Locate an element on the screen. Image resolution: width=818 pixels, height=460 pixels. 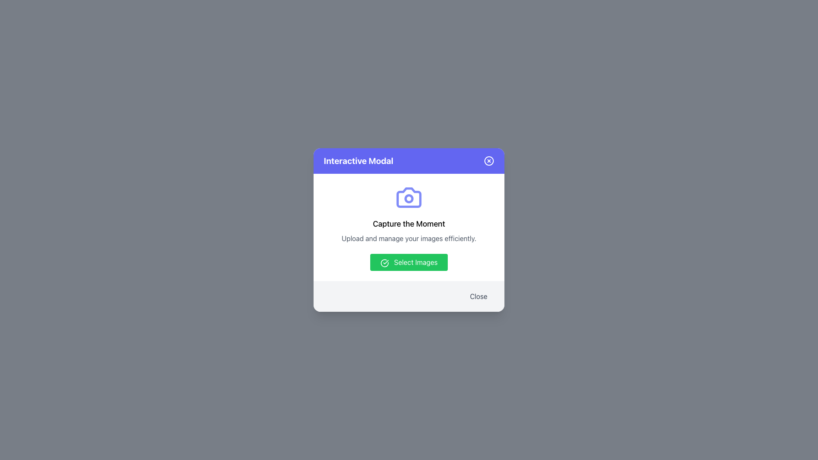
the camera icon at the center of the modal dialog, located between the header 'Interactive Modal' and the subtext 'Capture the Moment' is located at coordinates (409, 198).